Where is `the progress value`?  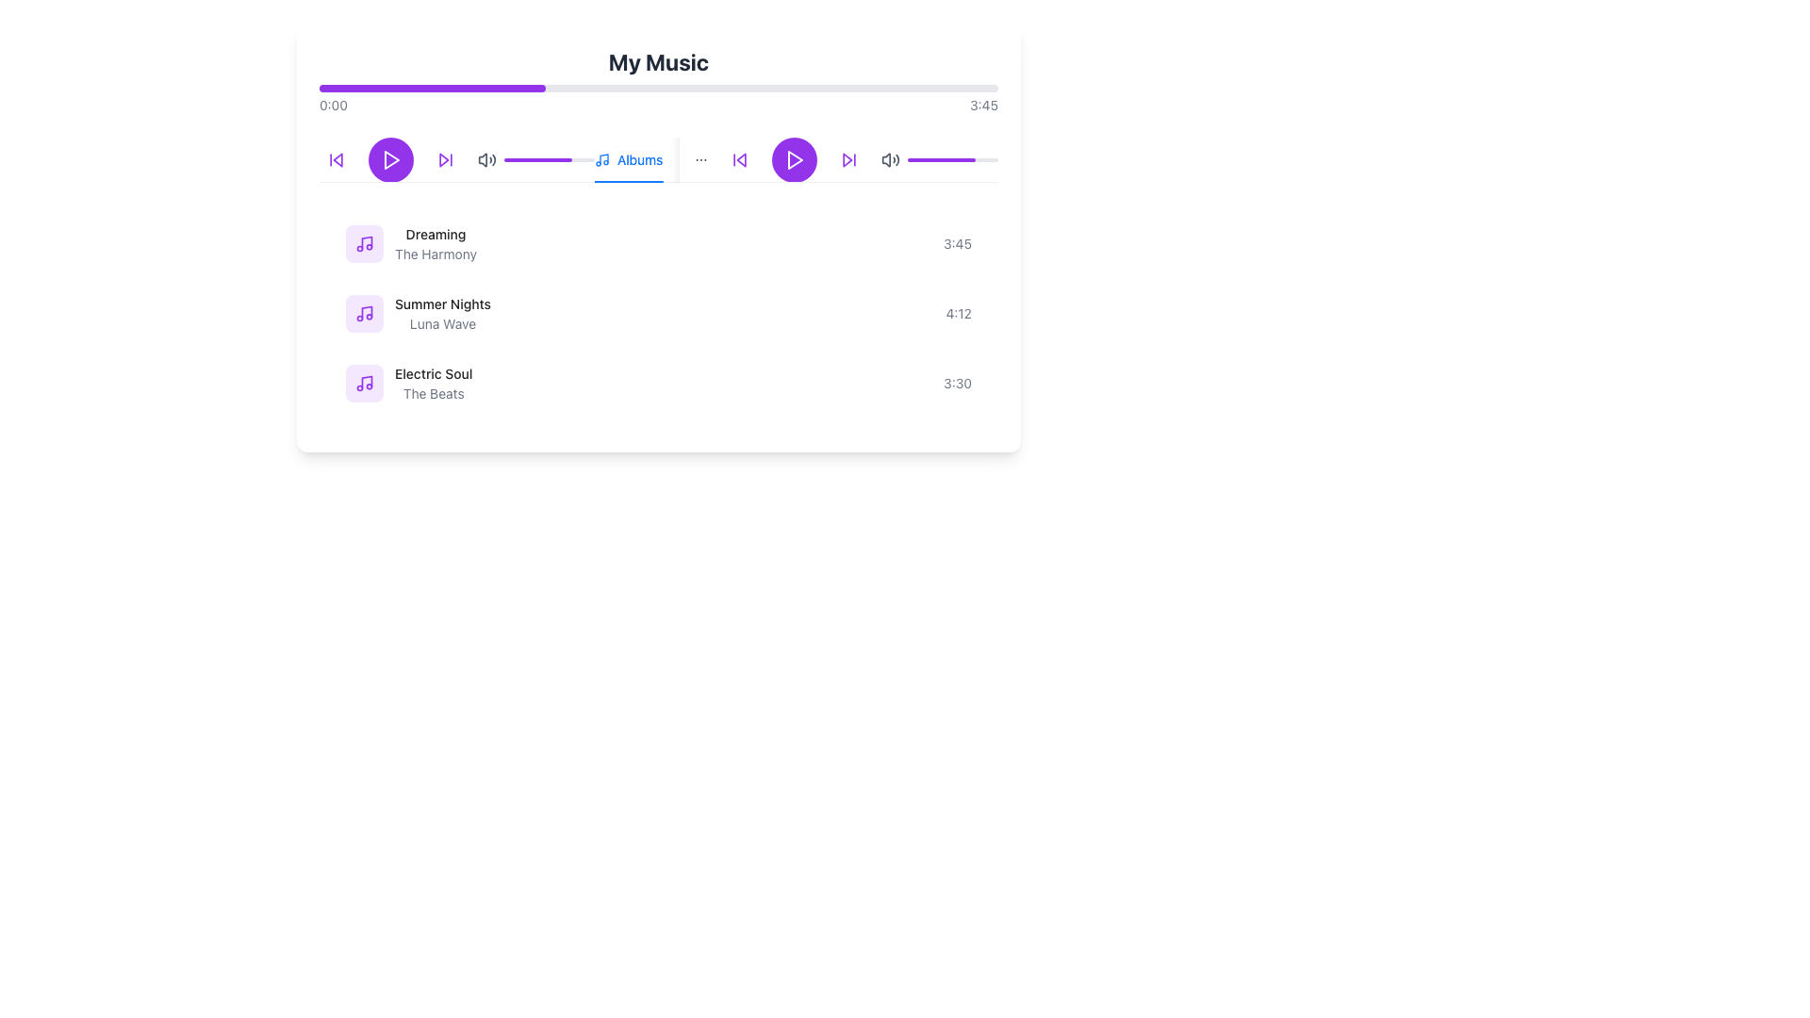
the progress value is located at coordinates (531, 158).